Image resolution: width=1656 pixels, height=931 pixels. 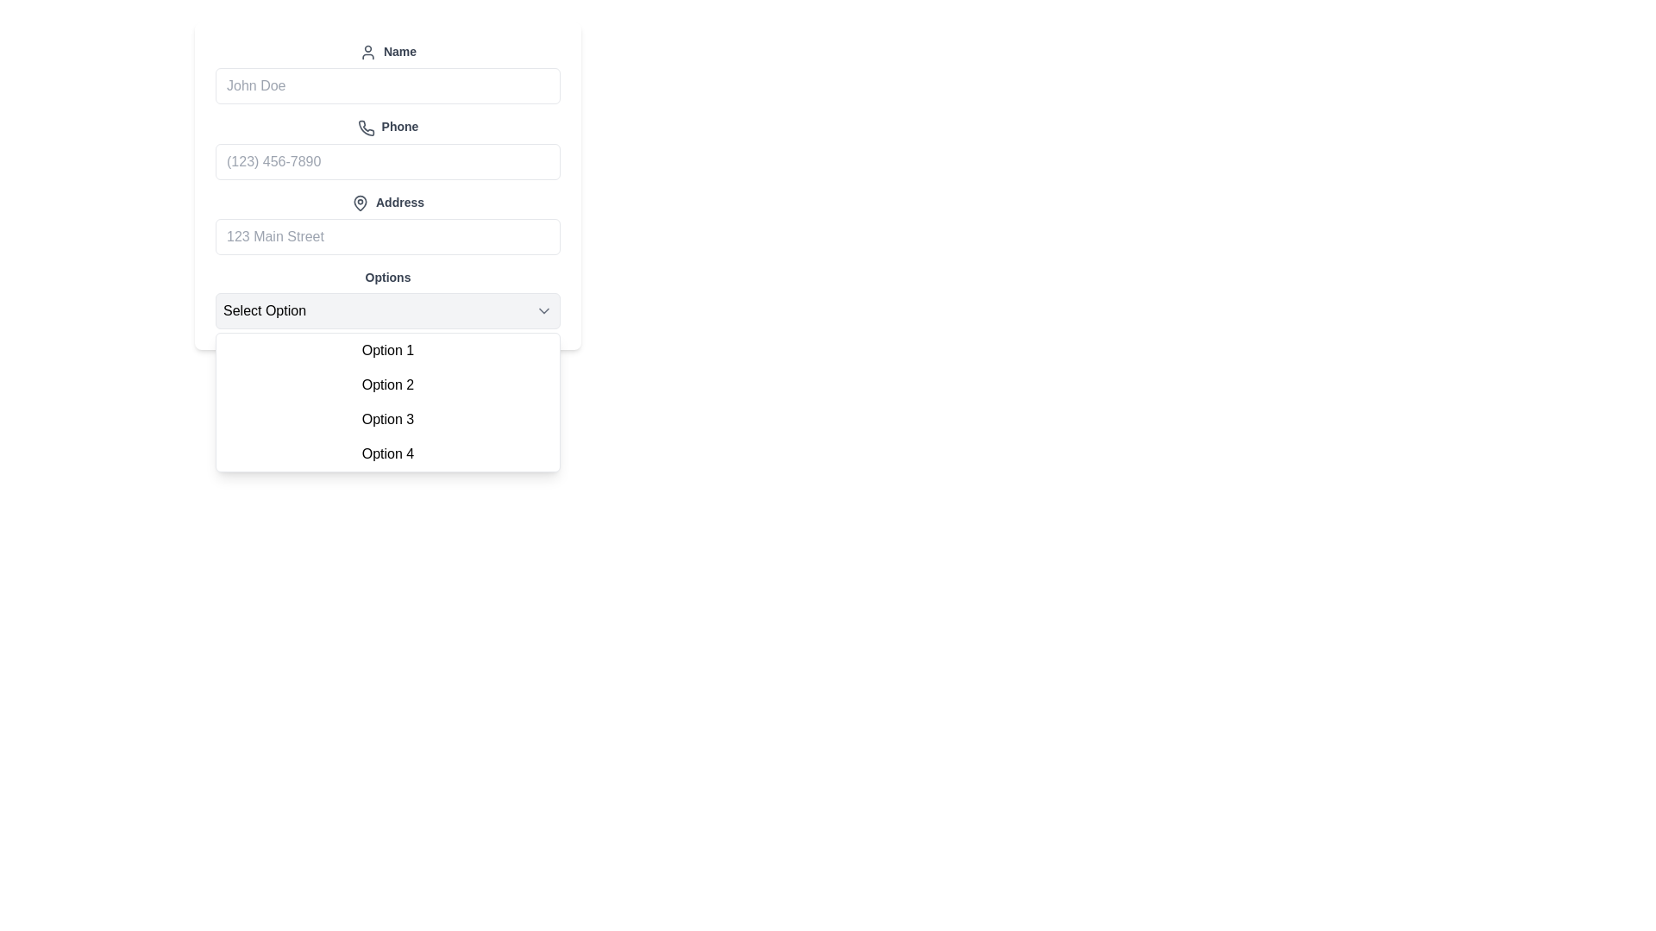 What do you see at coordinates (367, 52) in the screenshot?
I see `the user icon located to the left of the 'Name' label at the top of the form, which serves as a visual indicator for user-related information` at bounding box center [367, 52].